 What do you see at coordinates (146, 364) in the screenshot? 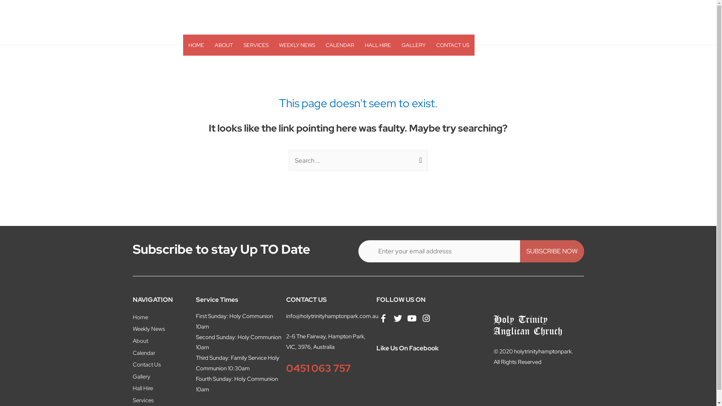
I see `'Contact Us'` at bounding box center [146, 364].